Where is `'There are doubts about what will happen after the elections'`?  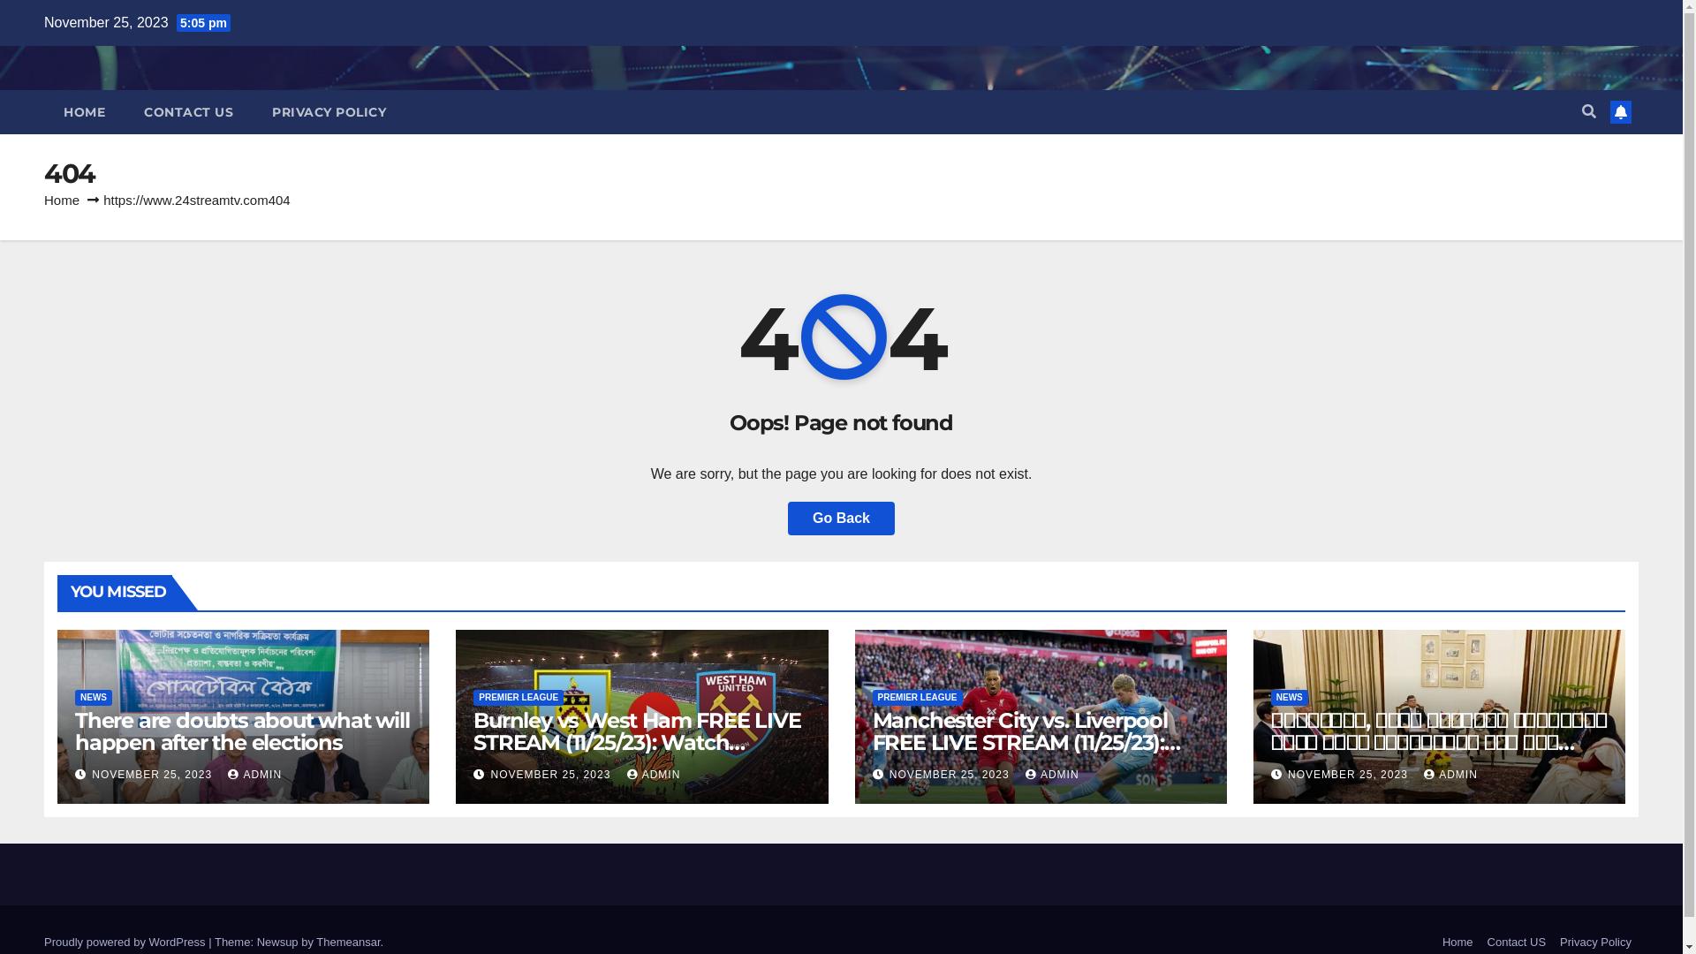
'There are doubts about what will happen after the elections' is located at coordinates (241, 731).